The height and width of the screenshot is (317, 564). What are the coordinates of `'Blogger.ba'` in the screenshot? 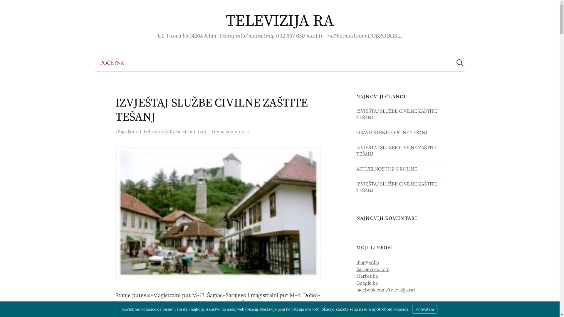 It's located at (367, 262).